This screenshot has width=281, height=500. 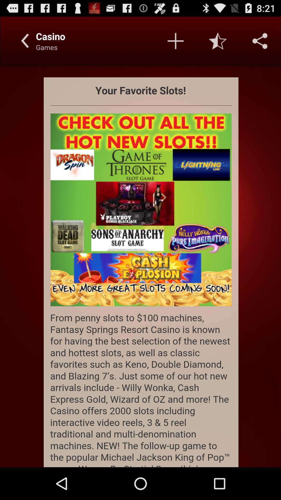 What do you see at coordinates (218, 41) in the screenshot?
I see `star option` at bounding box center [218, 41].